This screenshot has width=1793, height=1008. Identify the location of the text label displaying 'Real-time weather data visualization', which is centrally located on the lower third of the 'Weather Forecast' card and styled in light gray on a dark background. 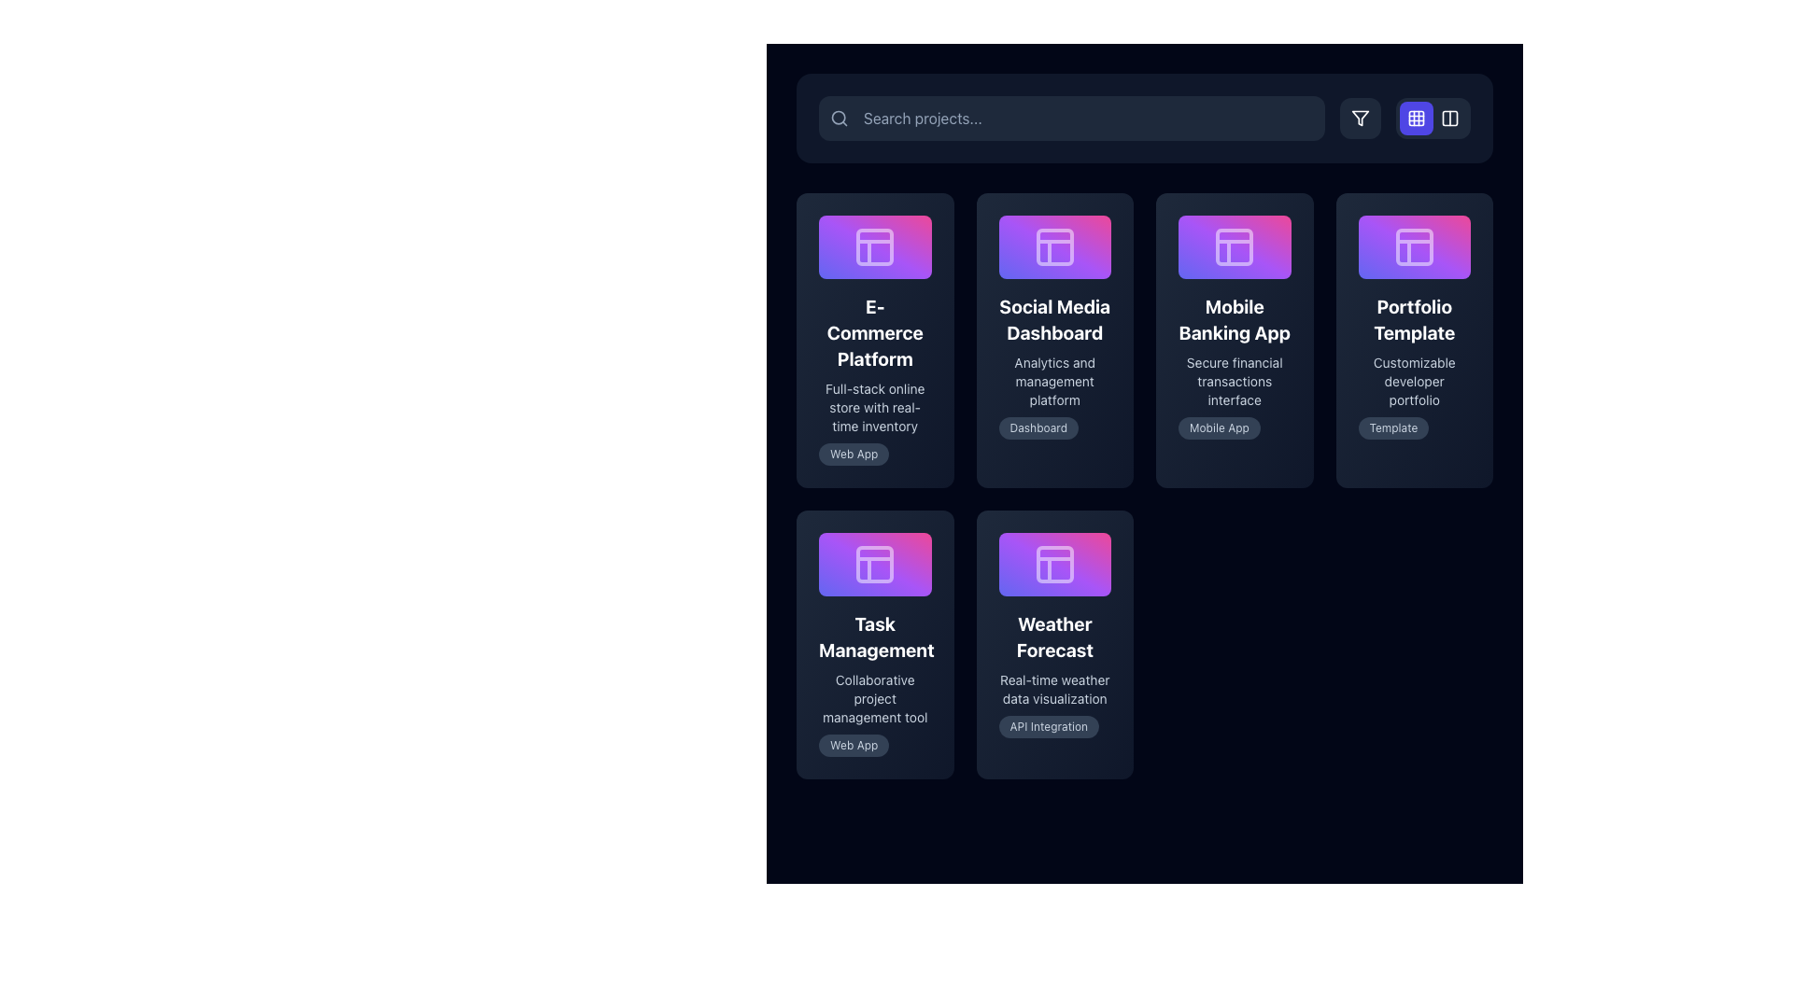
(1054, 689).